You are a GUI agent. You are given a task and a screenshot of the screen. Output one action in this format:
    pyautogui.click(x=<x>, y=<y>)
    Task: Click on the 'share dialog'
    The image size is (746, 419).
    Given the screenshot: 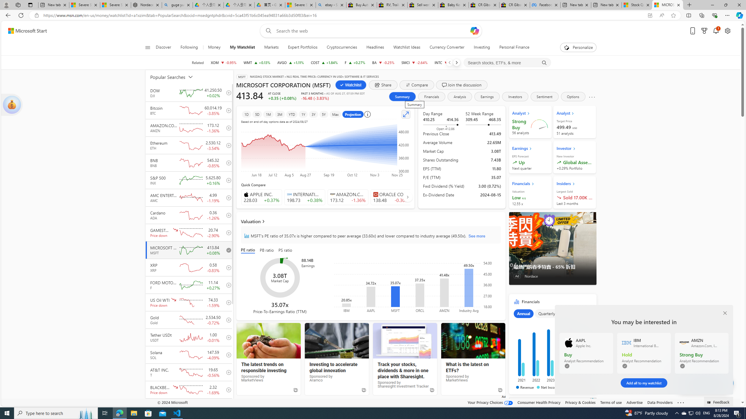 What is the action you would take?
    pyautogui.click(x=383, y=85)
    